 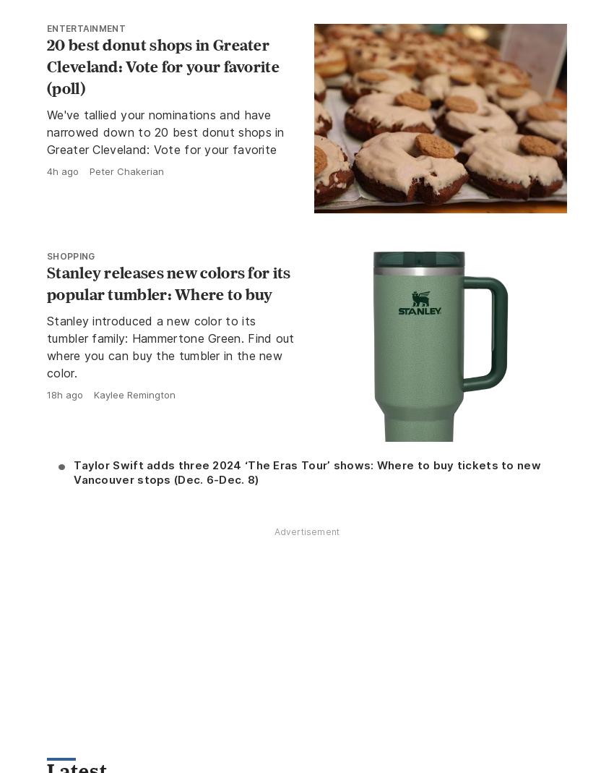 I want to click on 'We've tallied your nominations and have narrowed down to 20 best donut shops in Greater Cleveland: Vote for your favorite', so click(x=165, y=132).